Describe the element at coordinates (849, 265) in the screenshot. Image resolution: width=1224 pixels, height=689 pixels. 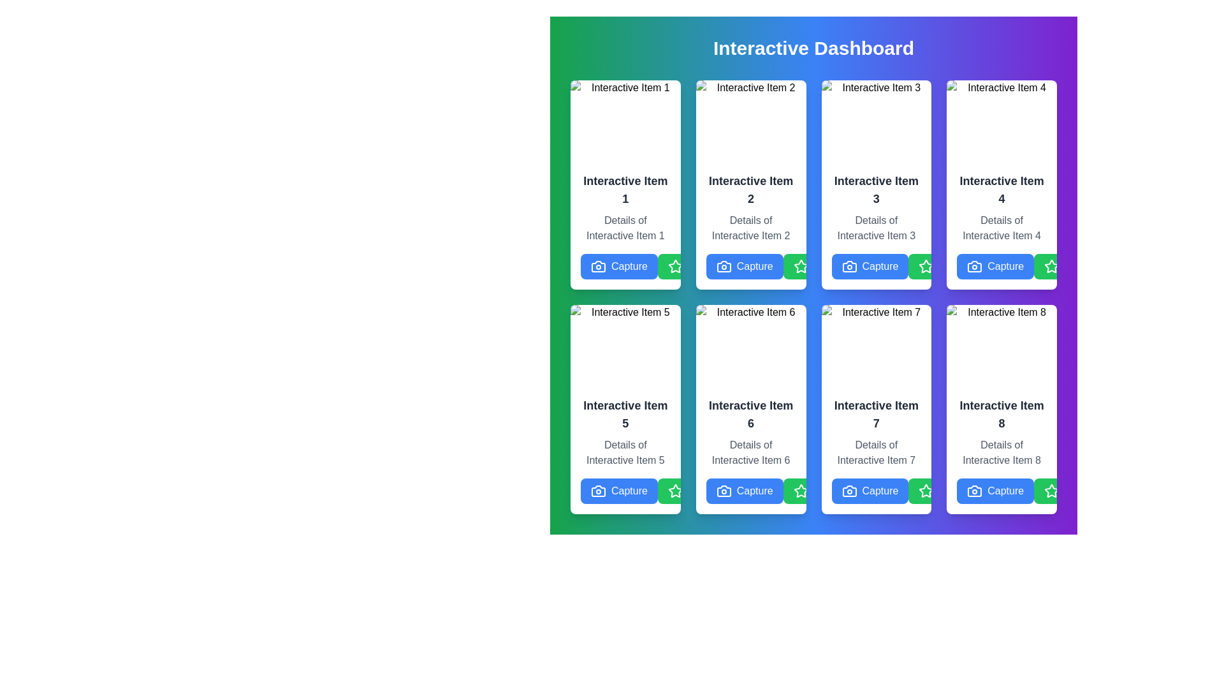
I see `the camera icon located at the bottom center of the card labeled 'Interactive Item 3'` at that location.